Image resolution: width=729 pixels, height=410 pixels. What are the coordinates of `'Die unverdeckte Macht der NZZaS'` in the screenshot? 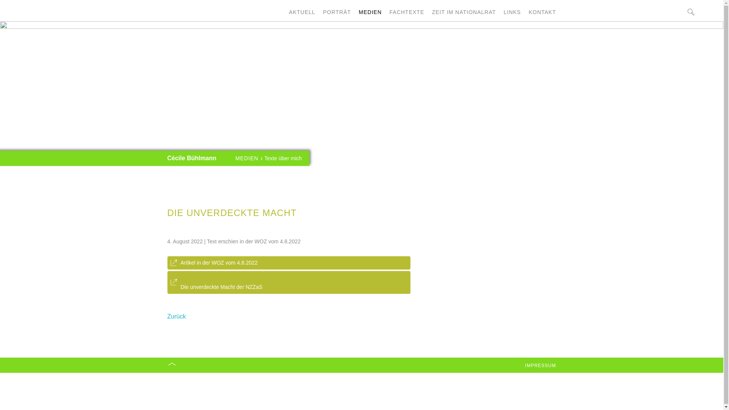 It's located at (221, 287).